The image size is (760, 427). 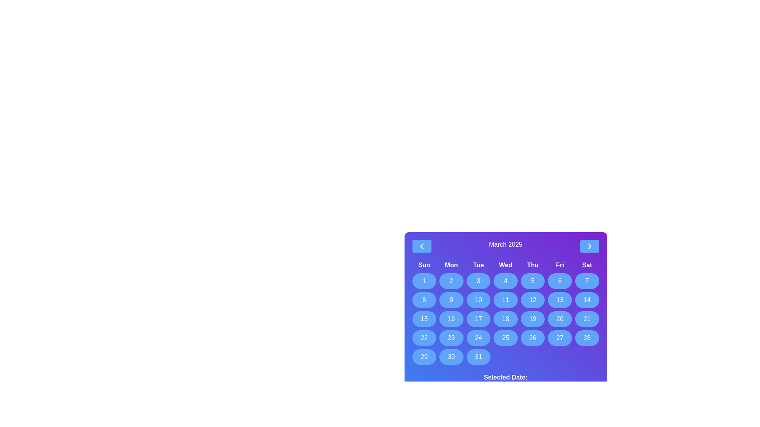 I want to click on the 'Monday' label in the calendar interface, which is the second item in the row of weekday names, so click(x=451, y=265).